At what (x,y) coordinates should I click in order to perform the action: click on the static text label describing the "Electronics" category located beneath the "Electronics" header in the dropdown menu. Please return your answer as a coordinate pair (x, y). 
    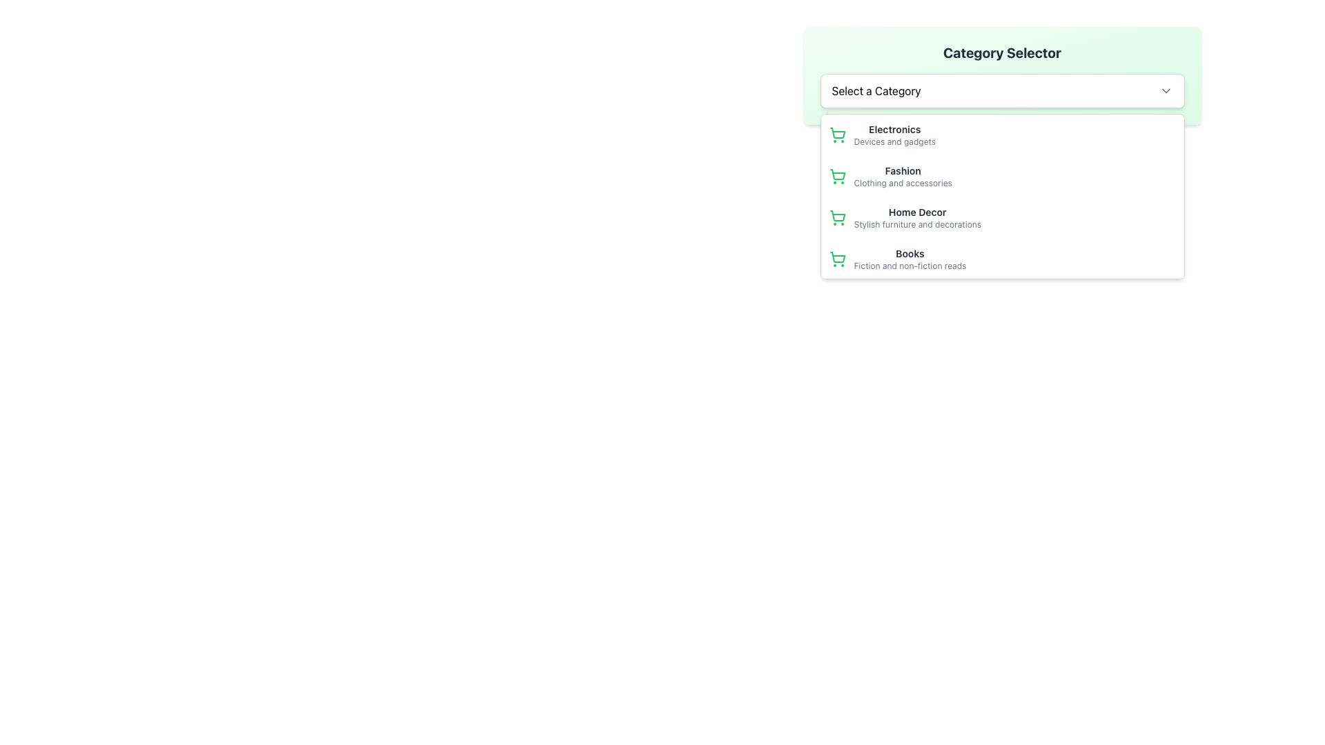
    Looking at the image, I should click on (894, 141).